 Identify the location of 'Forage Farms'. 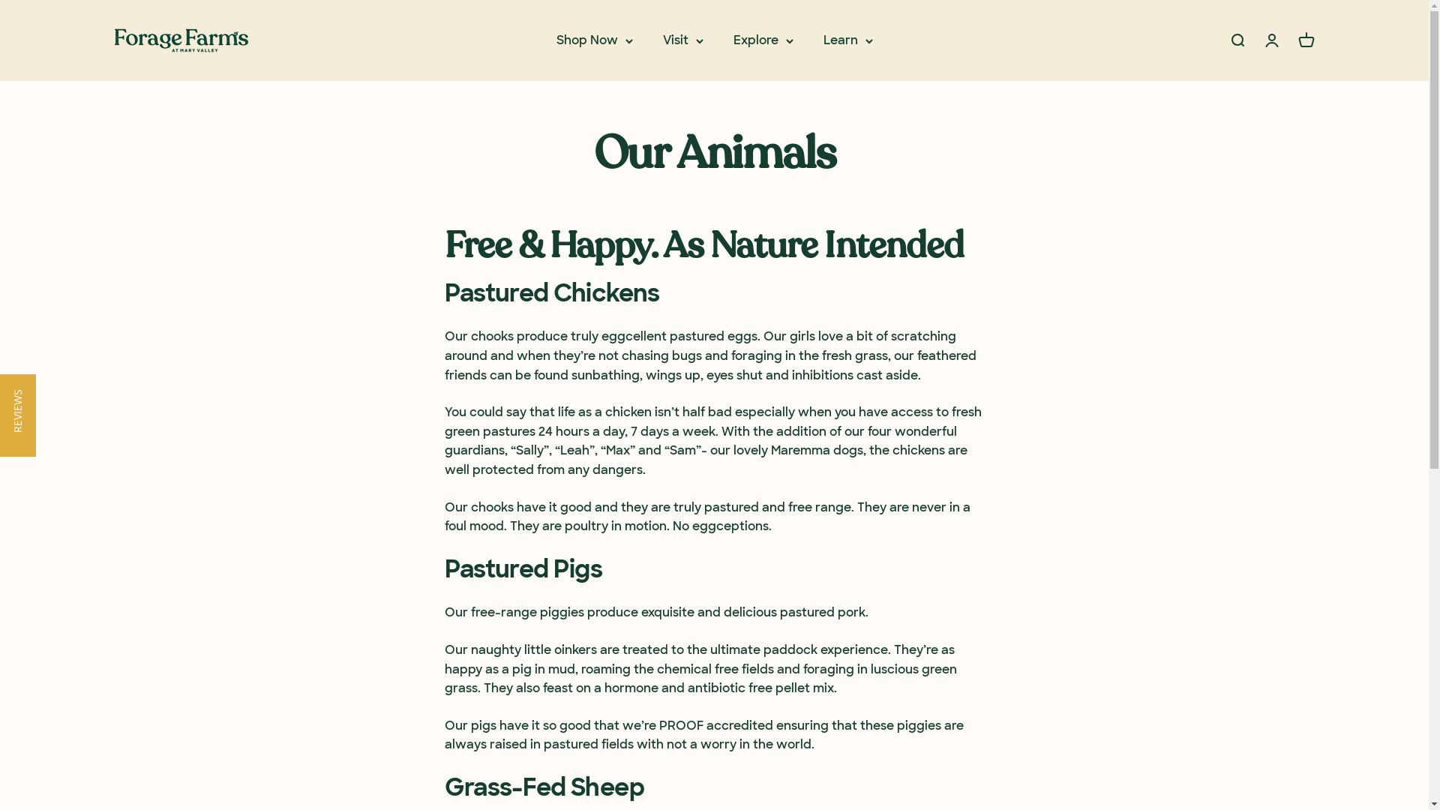
(113, 40).